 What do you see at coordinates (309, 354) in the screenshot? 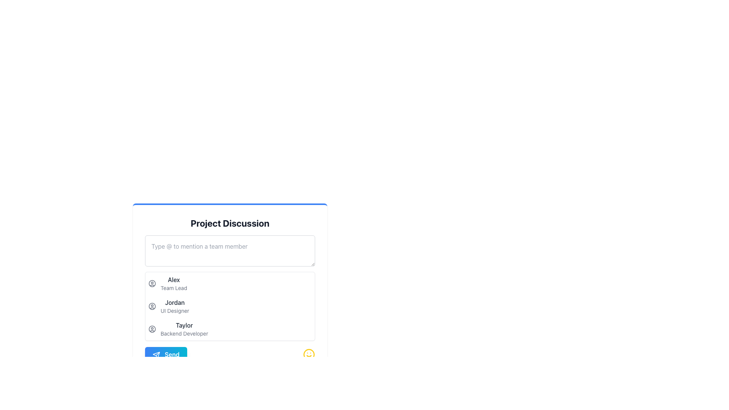
I see `the Circle SVG graphical element located at the bottom-right corner of the interface, which is part of a decorative smiley face icon` at bounding box center [309, 354].